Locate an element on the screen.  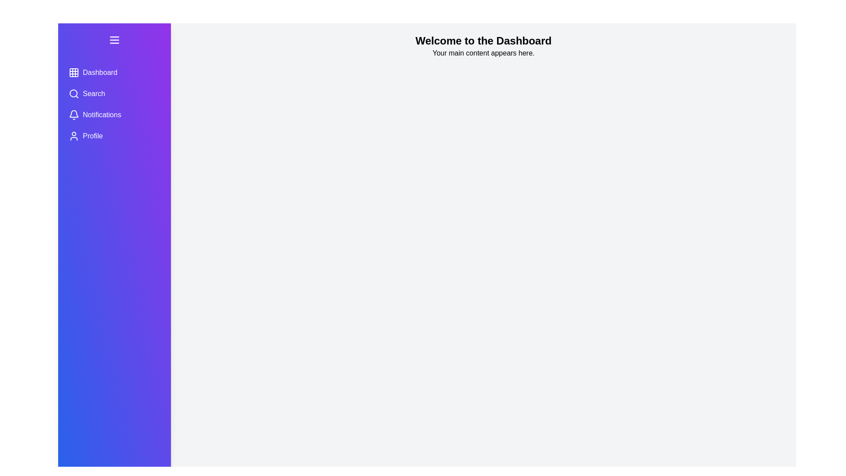
the 'Search' list item in the sidebar to navigate to the search page is located at coordinates (114, 93).